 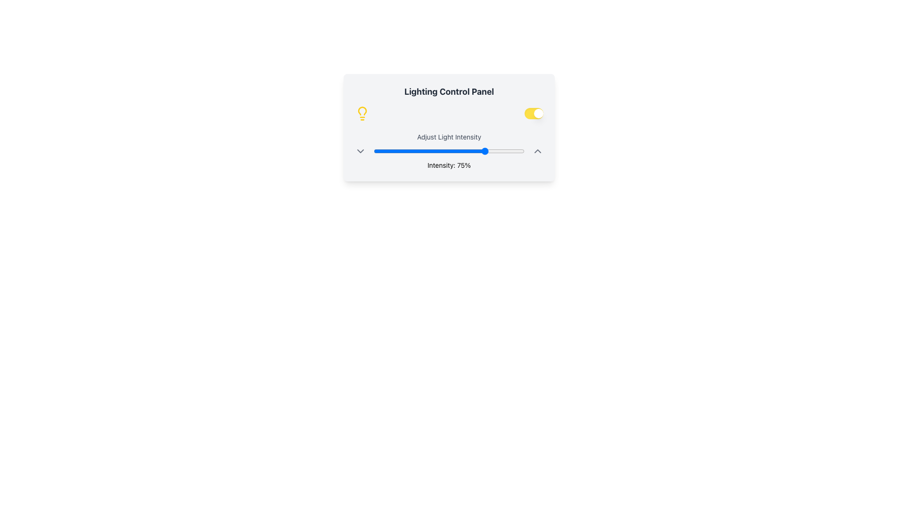 I want to click on the light intensity, so click(x=418, y=150).